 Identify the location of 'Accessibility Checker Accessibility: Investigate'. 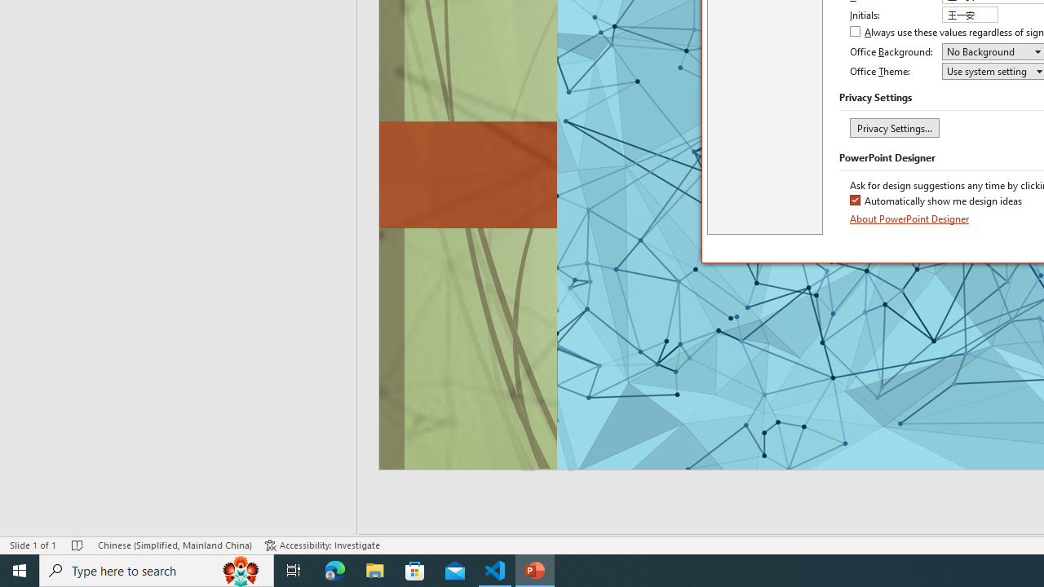
(322, 545).